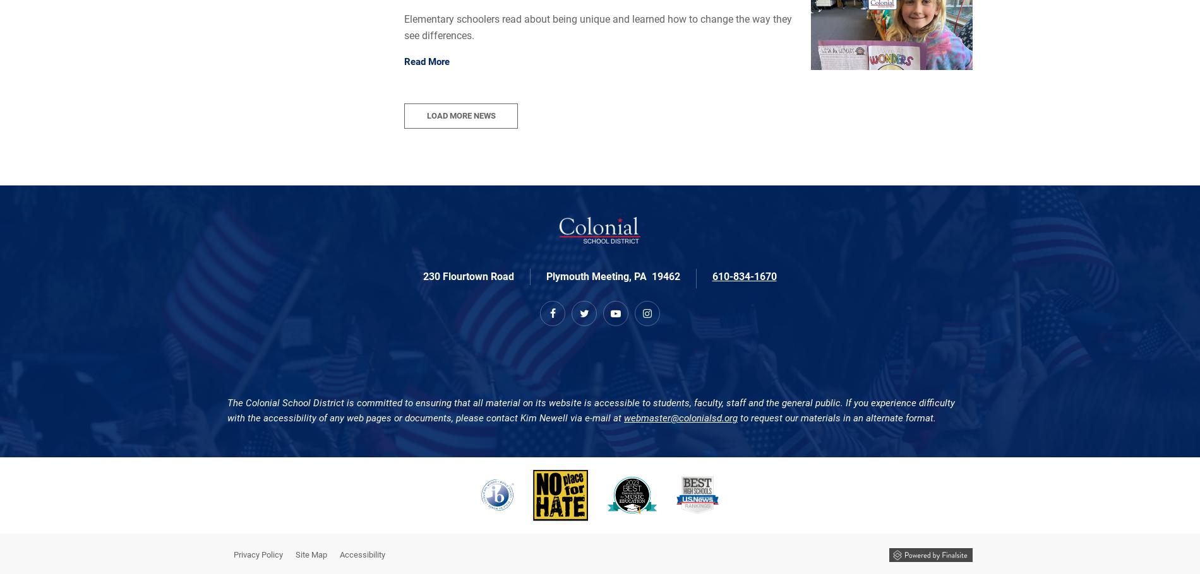  What do you see at coordinates (590, 410) in the screenshot?
I see `'The Colonial School District is committed to ensuring that all material on its website is accessible to students, faculty, staff and the general public. If you experience difficulty with the accessibility of any web pages or documents, please contact Kim Newell via e-mail at'` at bounding box center [590, 410].